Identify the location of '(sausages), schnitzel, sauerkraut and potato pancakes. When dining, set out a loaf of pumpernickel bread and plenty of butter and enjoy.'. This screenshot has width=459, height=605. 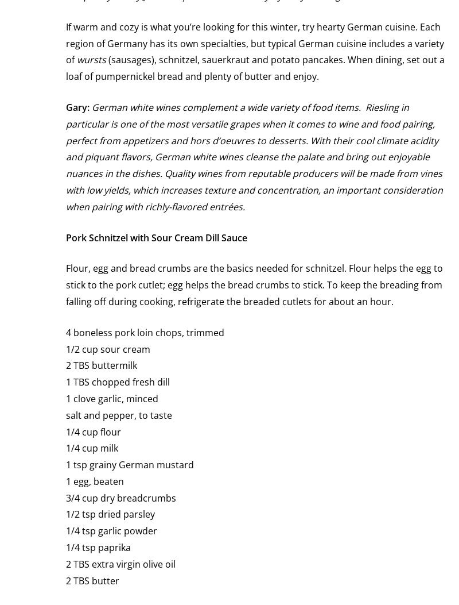
(255, 68).